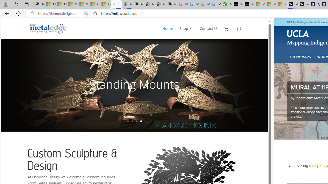  I want to click on '4', so click(141, 121).